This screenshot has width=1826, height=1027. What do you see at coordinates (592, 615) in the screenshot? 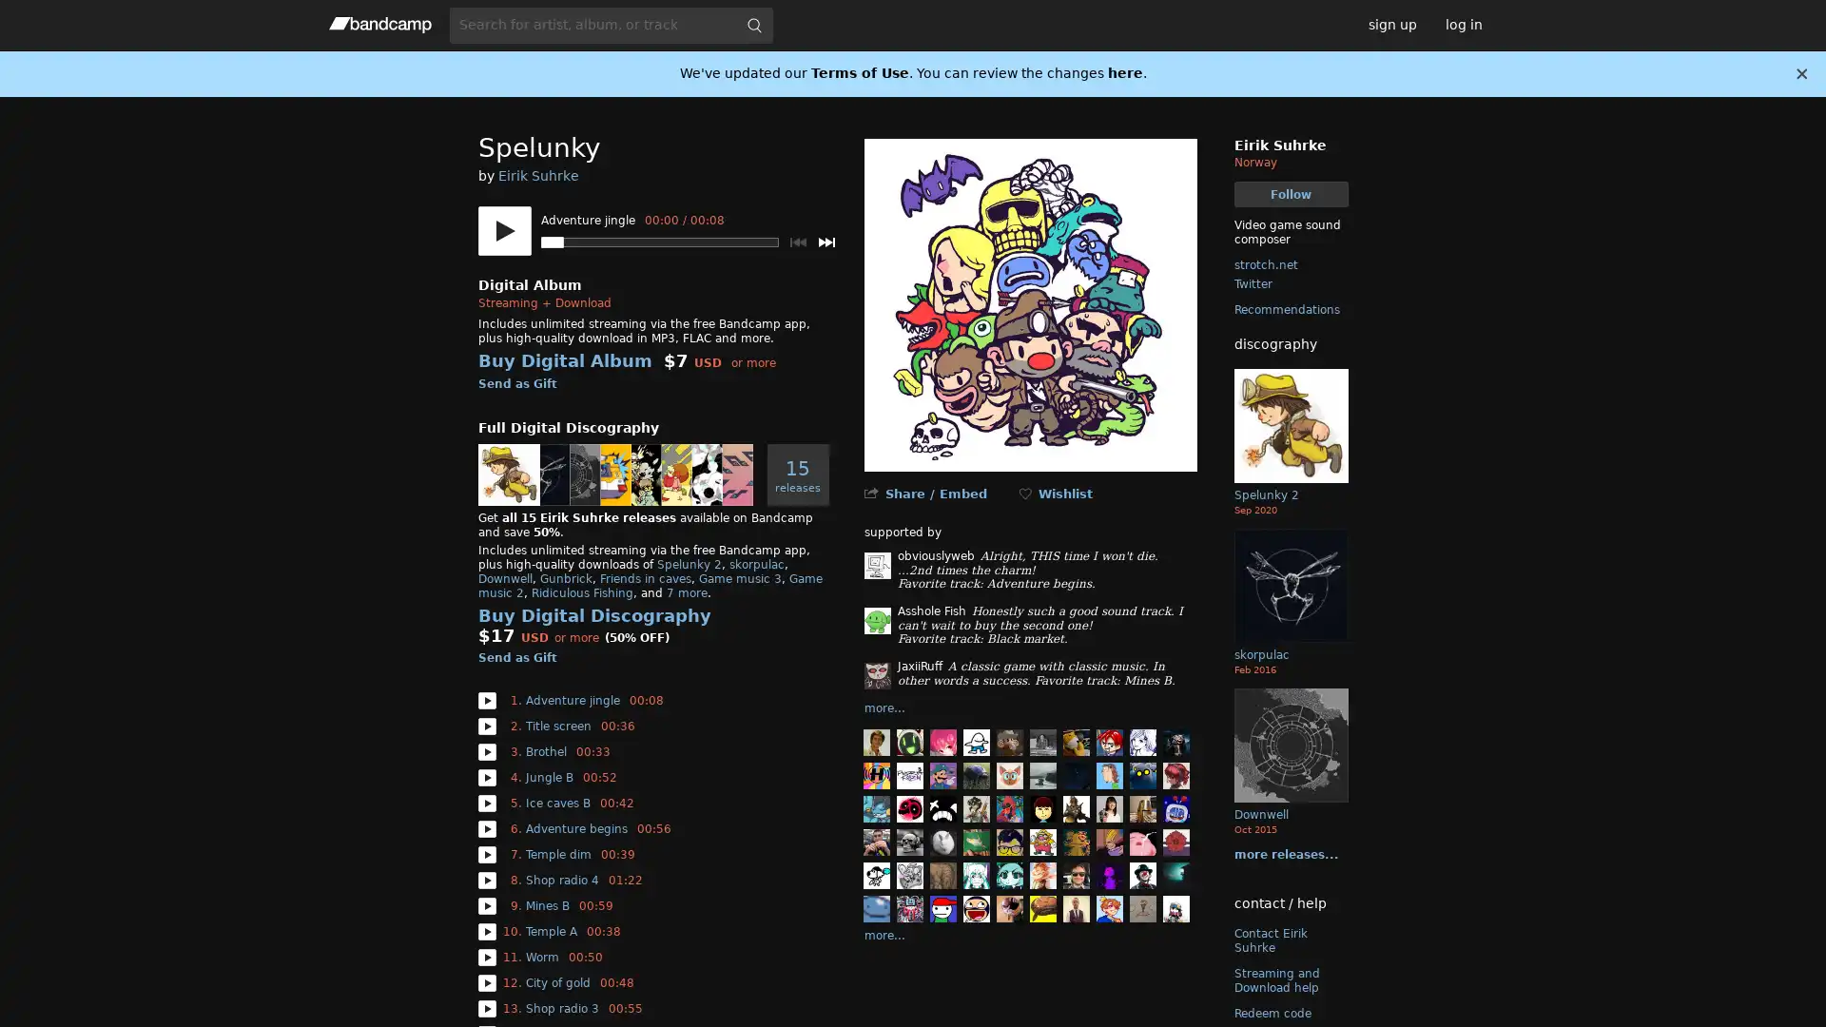
I see `Buy Digital Discography` at bounding box center [592, 615].